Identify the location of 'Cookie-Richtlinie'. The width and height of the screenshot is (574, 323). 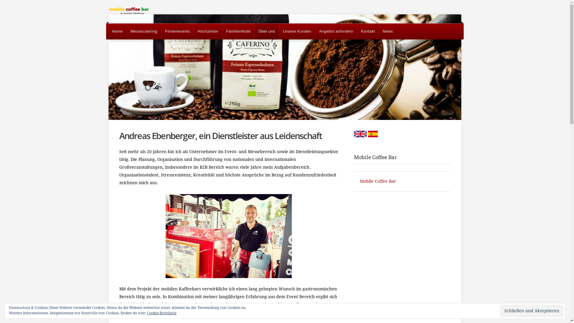
(162, 313).